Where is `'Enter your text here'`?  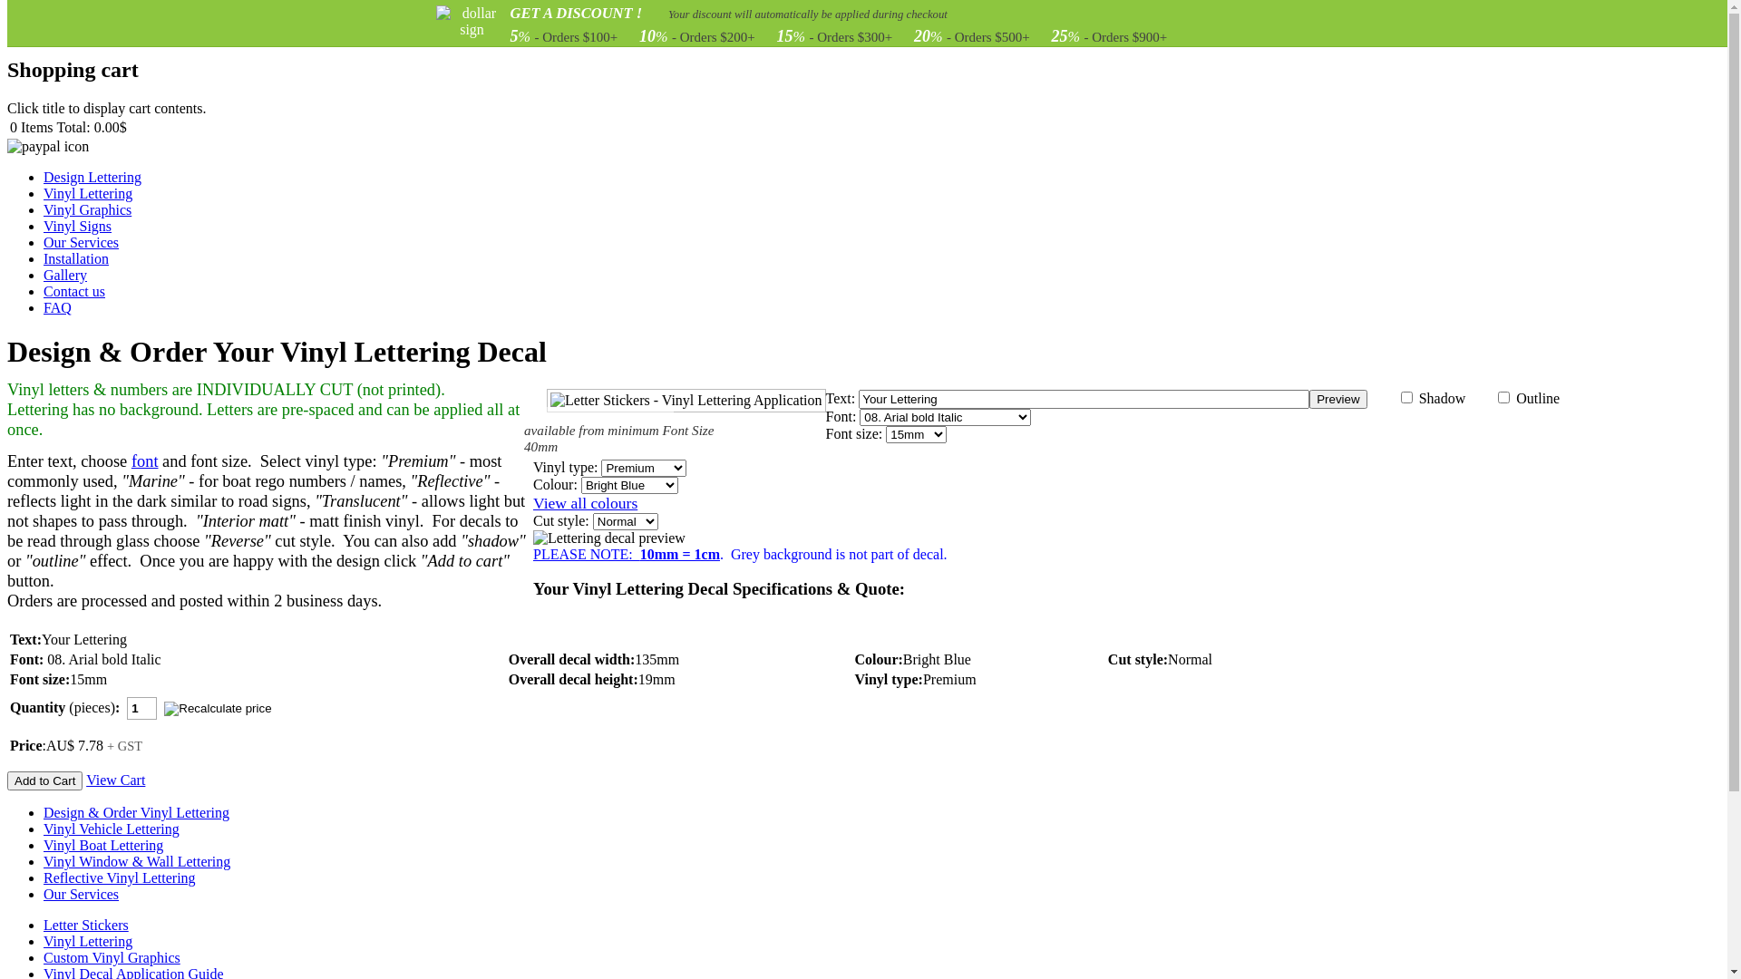
'Enter your text here' is located at coordinates (1084, 398).